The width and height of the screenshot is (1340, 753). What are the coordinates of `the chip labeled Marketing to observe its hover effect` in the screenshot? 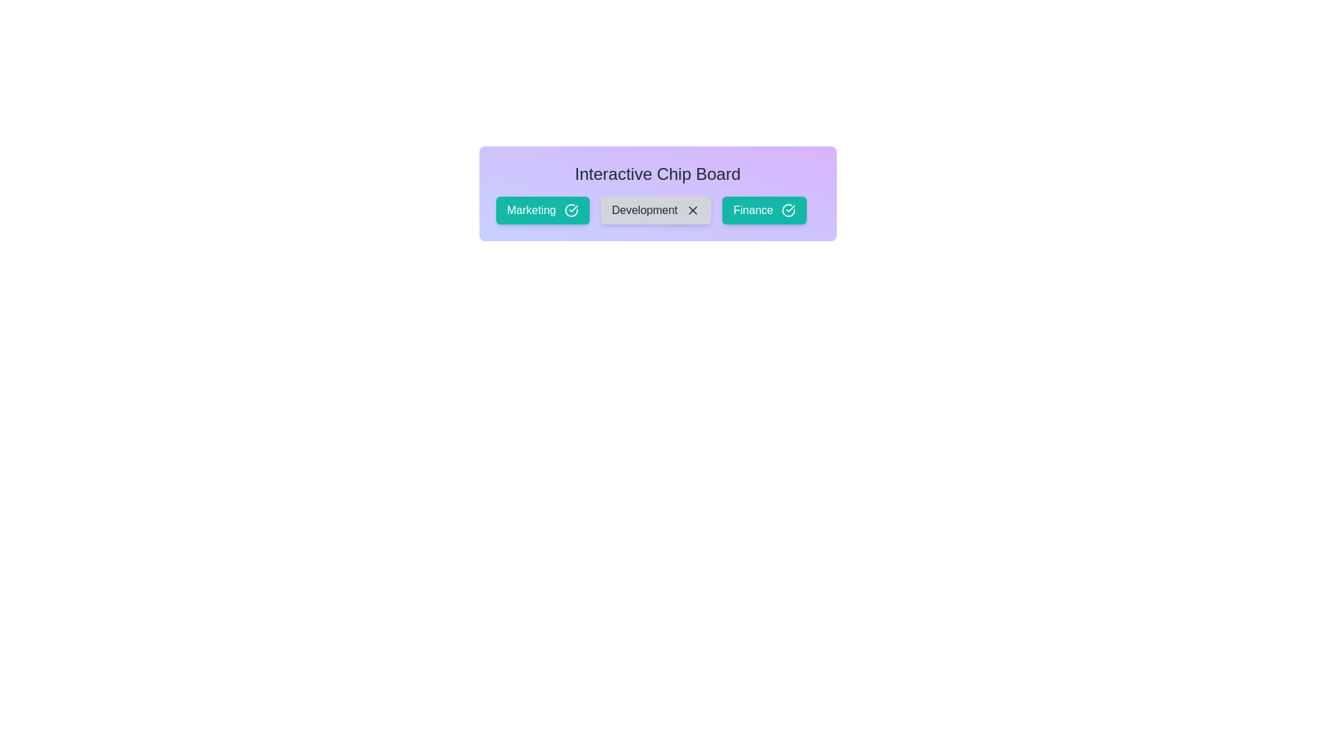 It's located at (542, 210).